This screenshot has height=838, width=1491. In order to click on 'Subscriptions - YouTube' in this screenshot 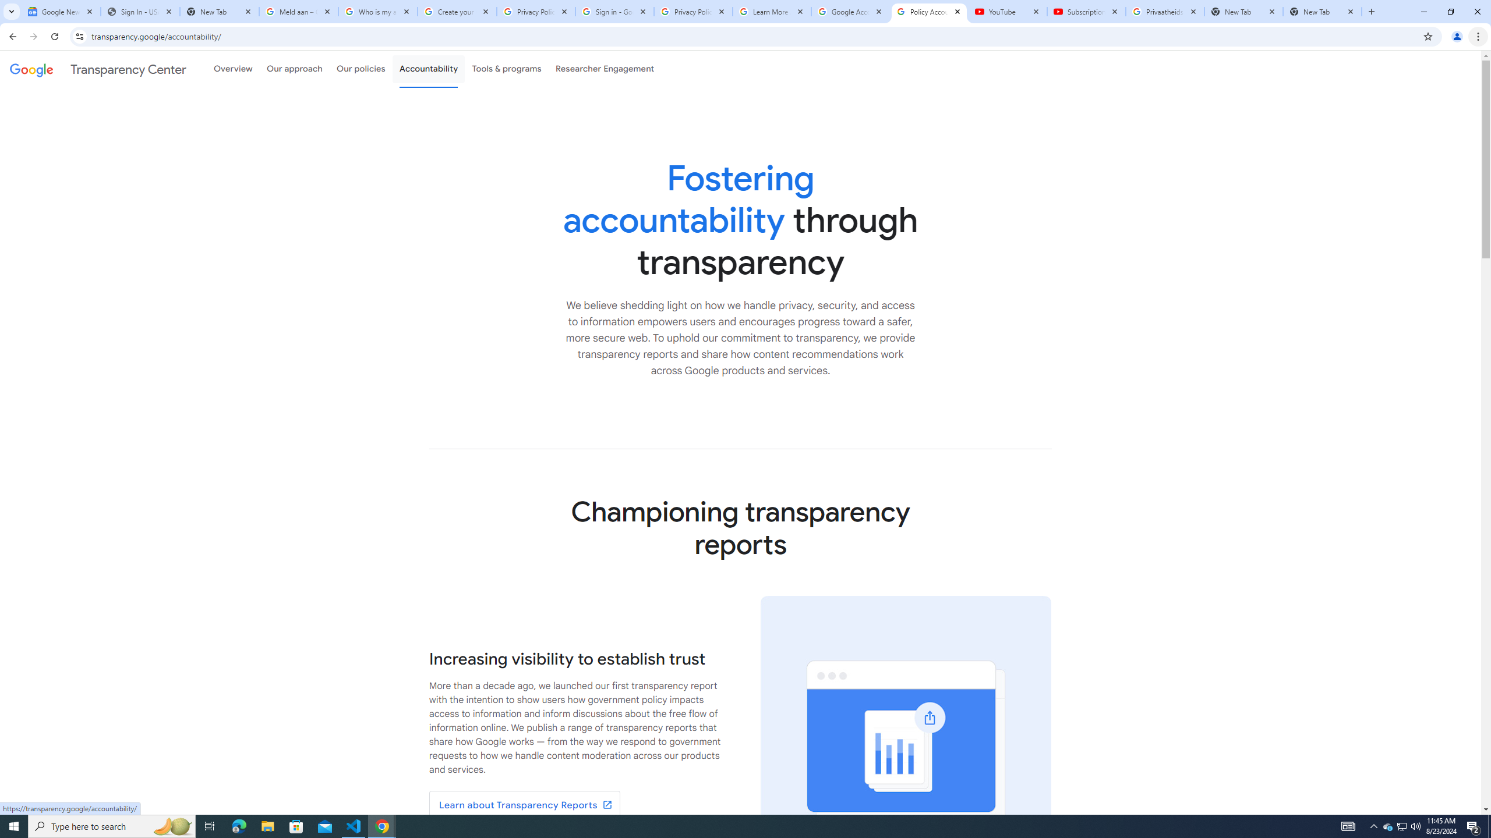, I will do `click(1087, 11)`.